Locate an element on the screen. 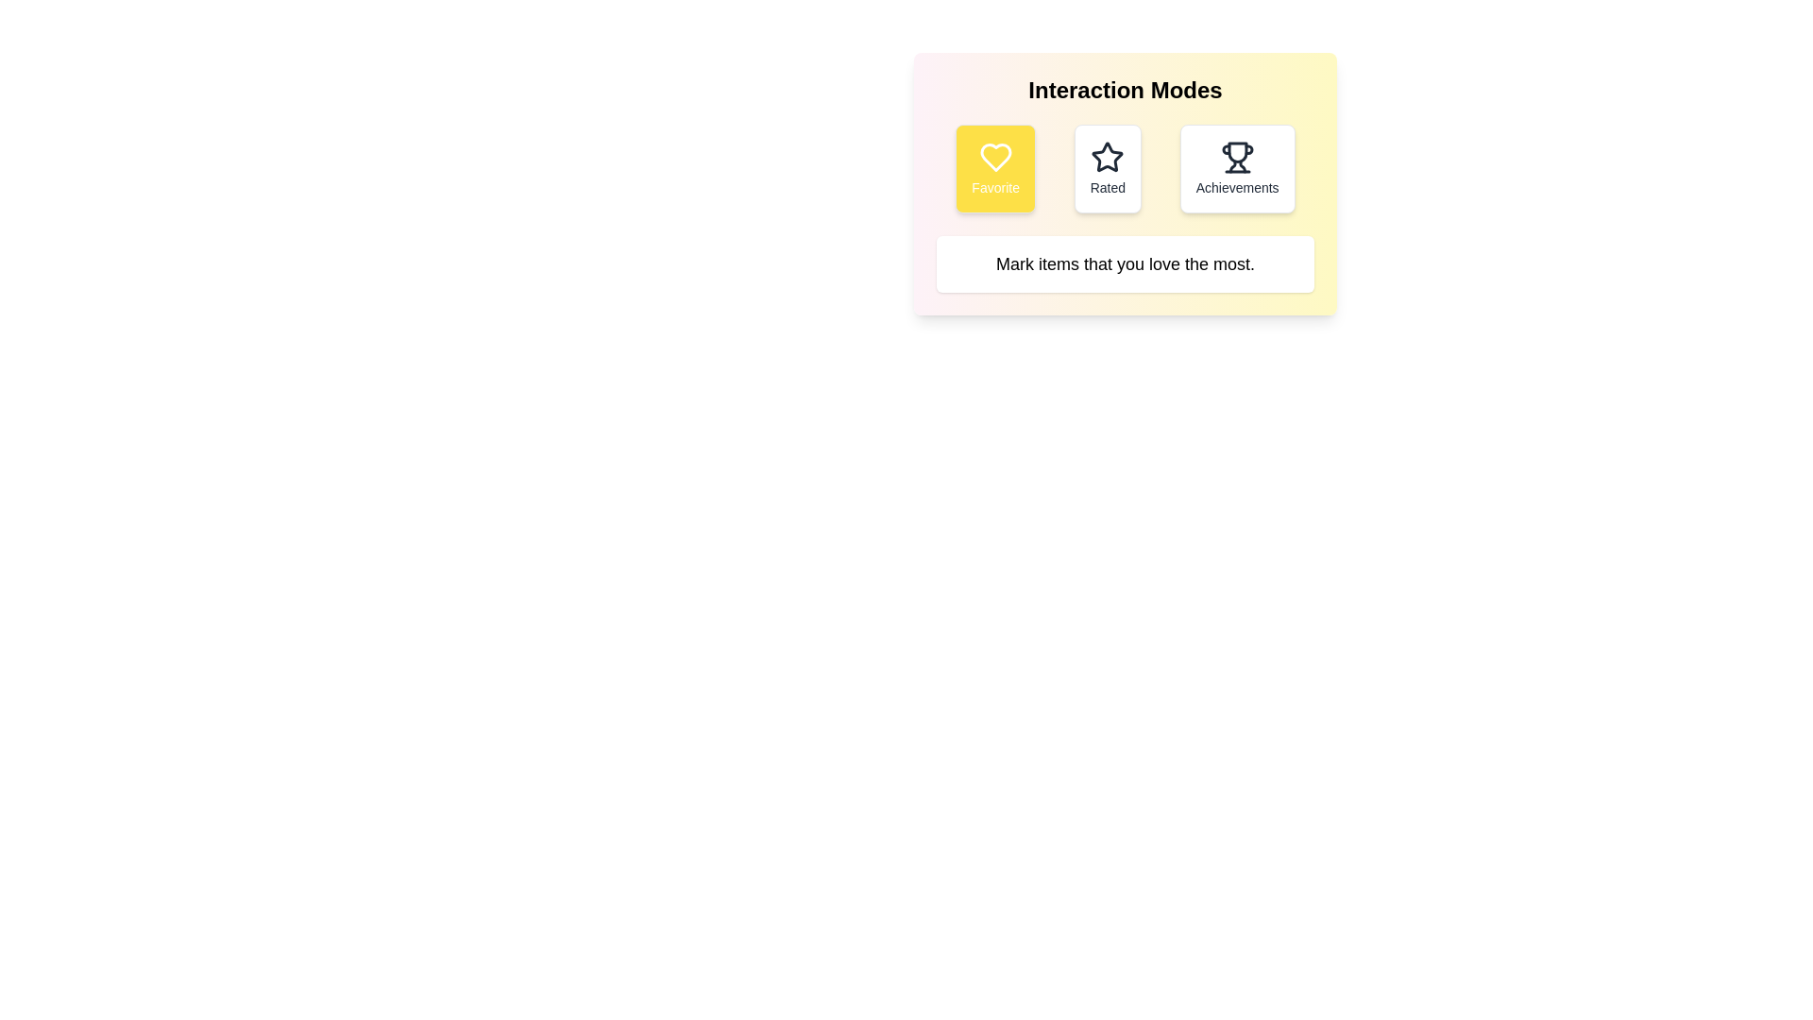 The height and width of the screenshot is (1020, 1813). the Rated button to observe the hover effect is located at coordinates (1108, 167).